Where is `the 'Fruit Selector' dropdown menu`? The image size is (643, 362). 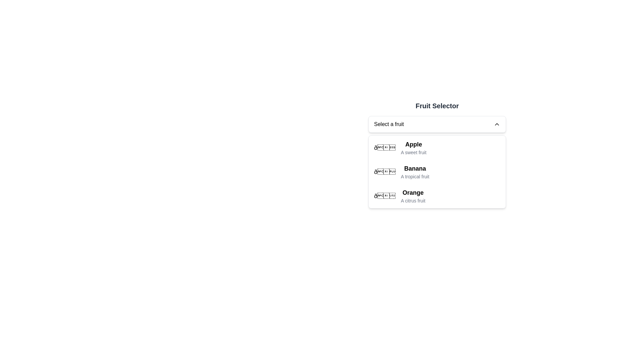 the 'Fruit Selector' dropdown menu is located at coordinates (437, 116).